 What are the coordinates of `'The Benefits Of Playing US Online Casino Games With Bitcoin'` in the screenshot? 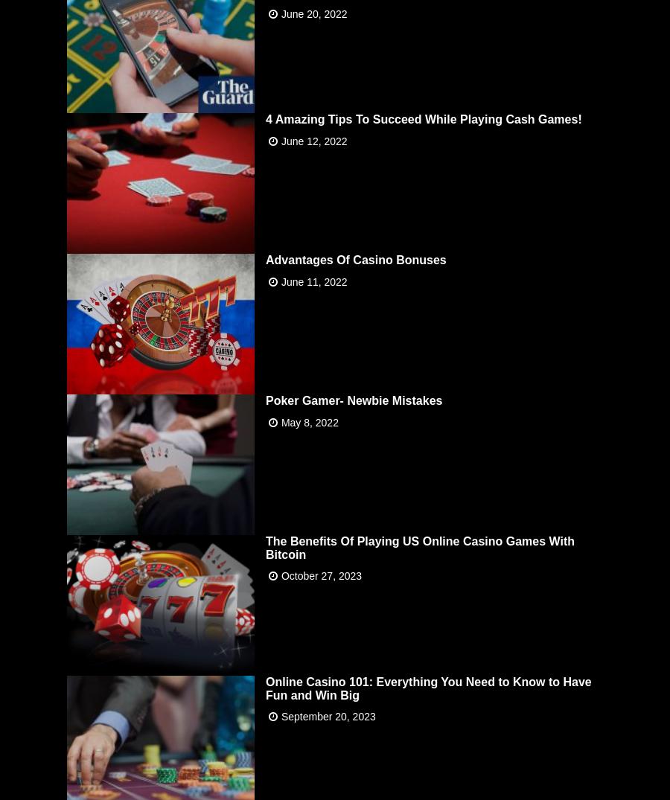 It's located at (420, 546).